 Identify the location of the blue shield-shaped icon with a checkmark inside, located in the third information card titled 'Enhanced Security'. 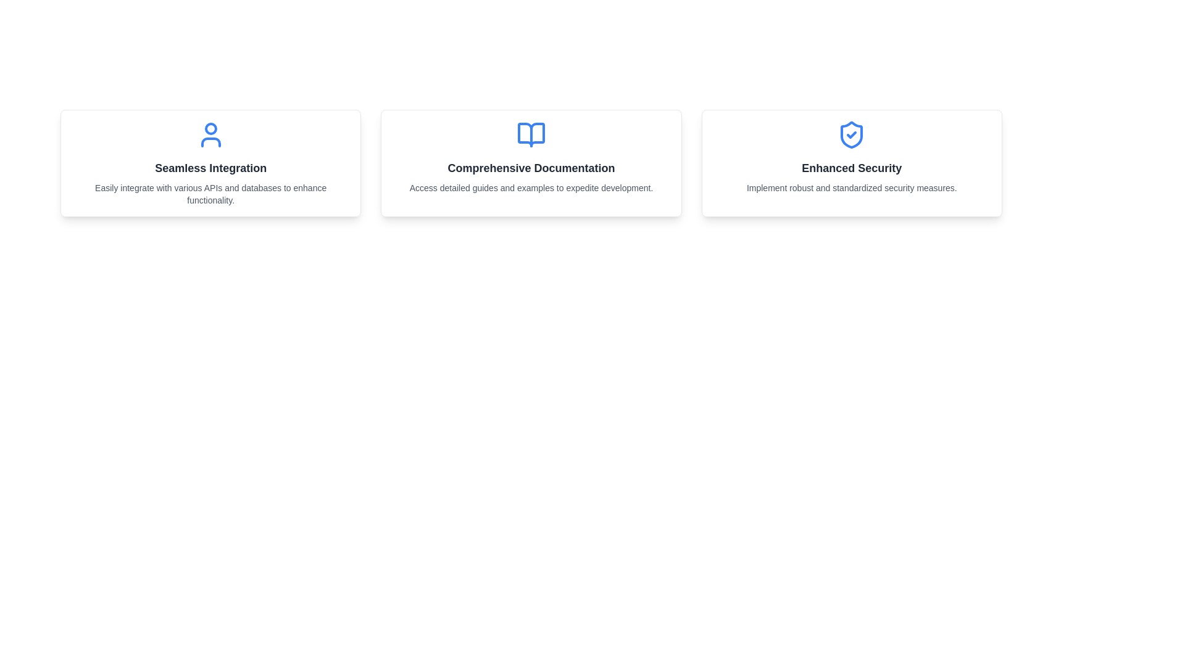
(851, 135).